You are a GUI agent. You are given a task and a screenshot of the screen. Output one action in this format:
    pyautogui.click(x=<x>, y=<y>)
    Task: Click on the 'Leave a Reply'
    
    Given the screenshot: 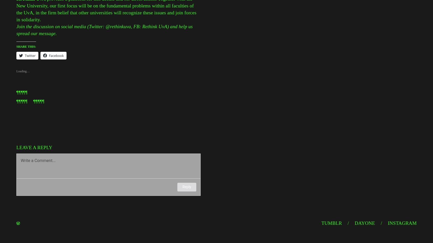 What is the action you would take?
    pyautogui.click(x=34, y=147)
    